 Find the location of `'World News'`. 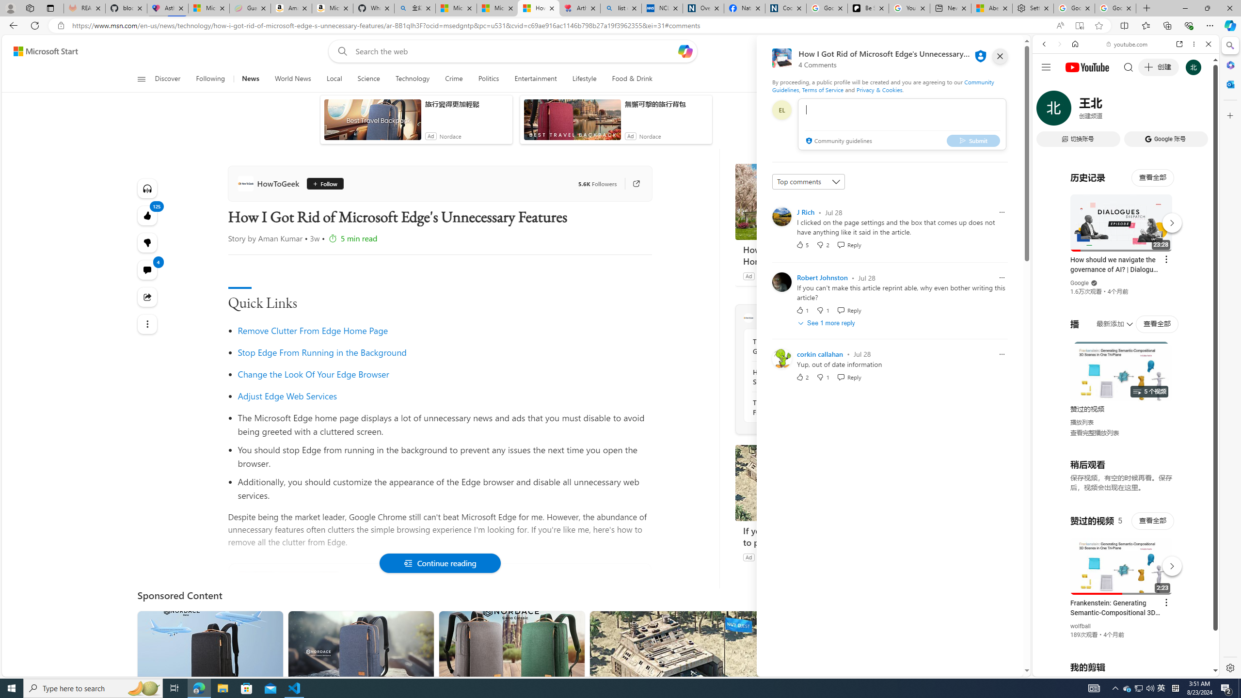

'World News' is located at coordinates (292, 79).